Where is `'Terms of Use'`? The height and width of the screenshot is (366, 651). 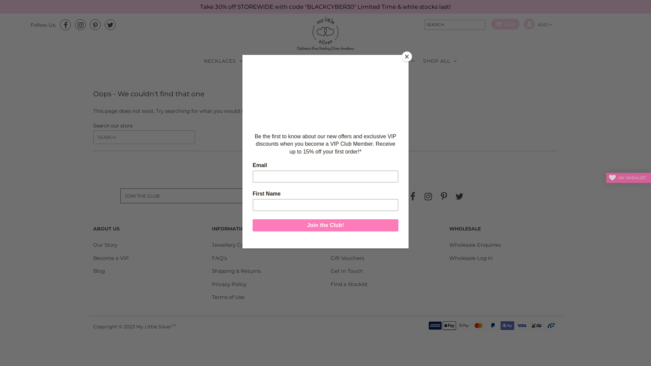
'Terms of Use' is located at coordinates (228, 297).